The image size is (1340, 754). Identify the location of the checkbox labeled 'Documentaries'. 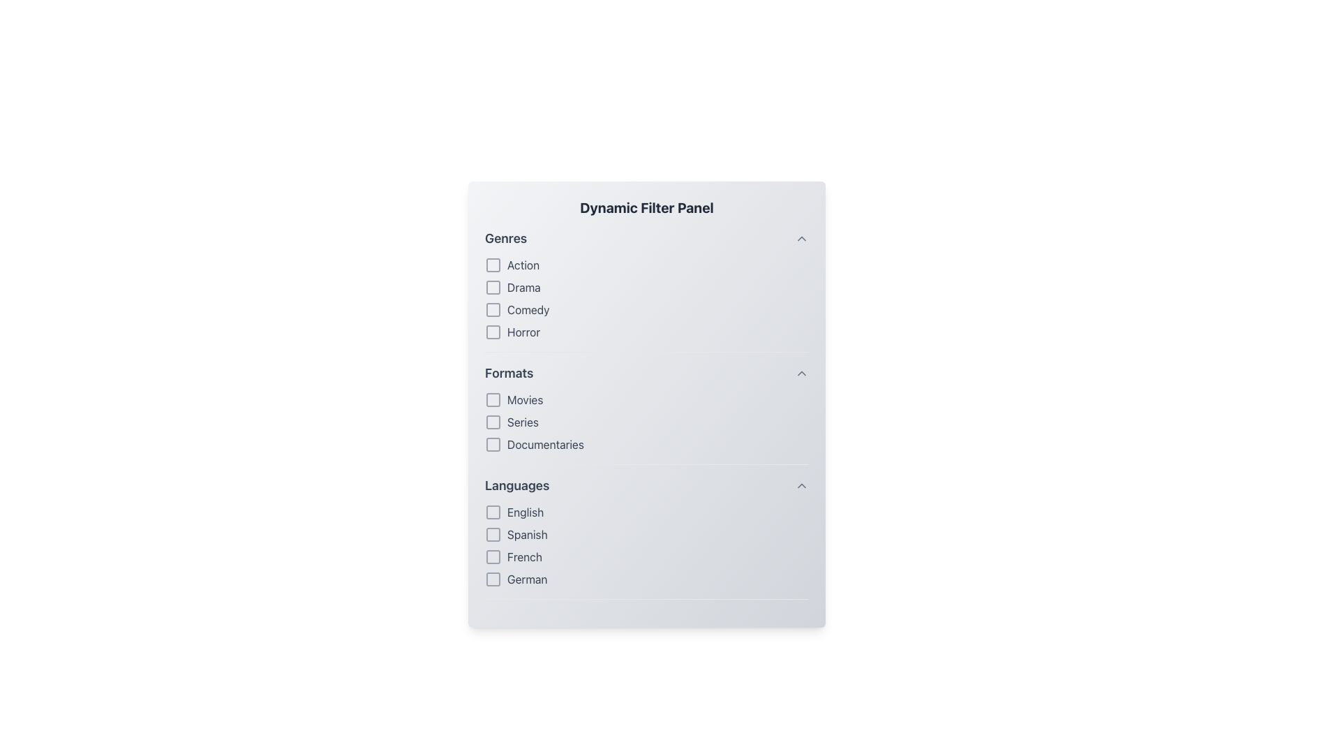
(646, 444).